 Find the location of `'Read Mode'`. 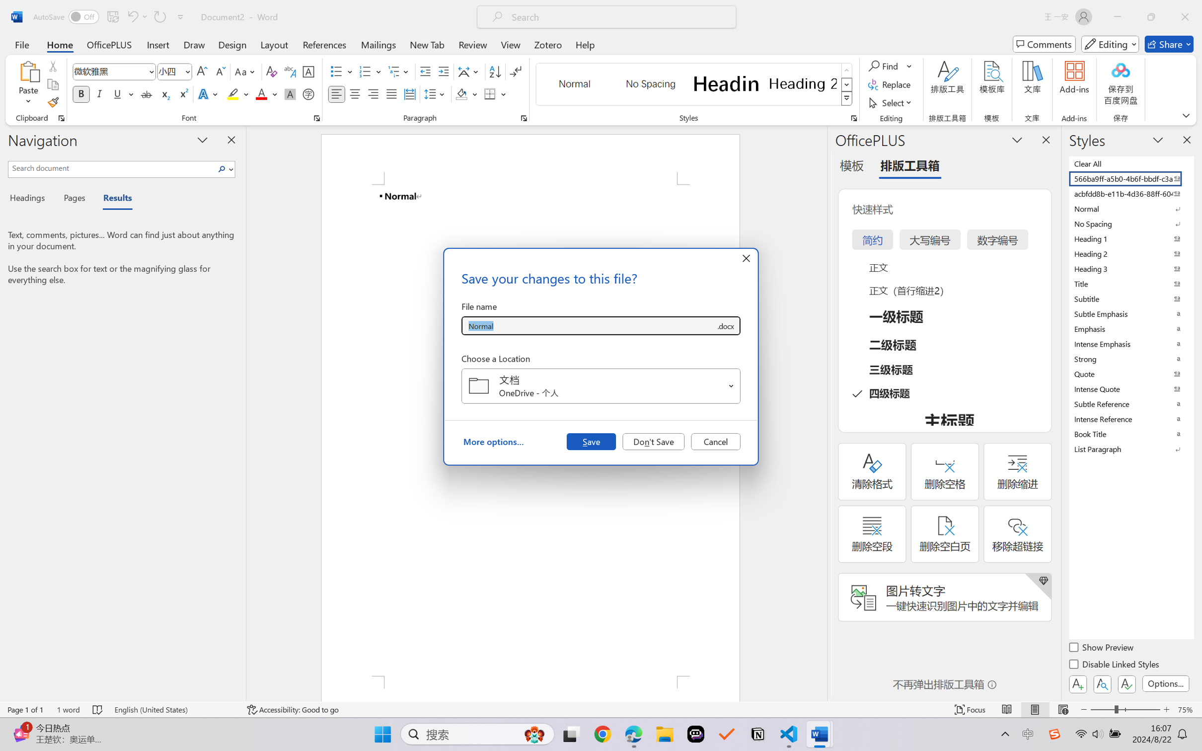

'Read Mode' is located at coordinates (1007, 709).